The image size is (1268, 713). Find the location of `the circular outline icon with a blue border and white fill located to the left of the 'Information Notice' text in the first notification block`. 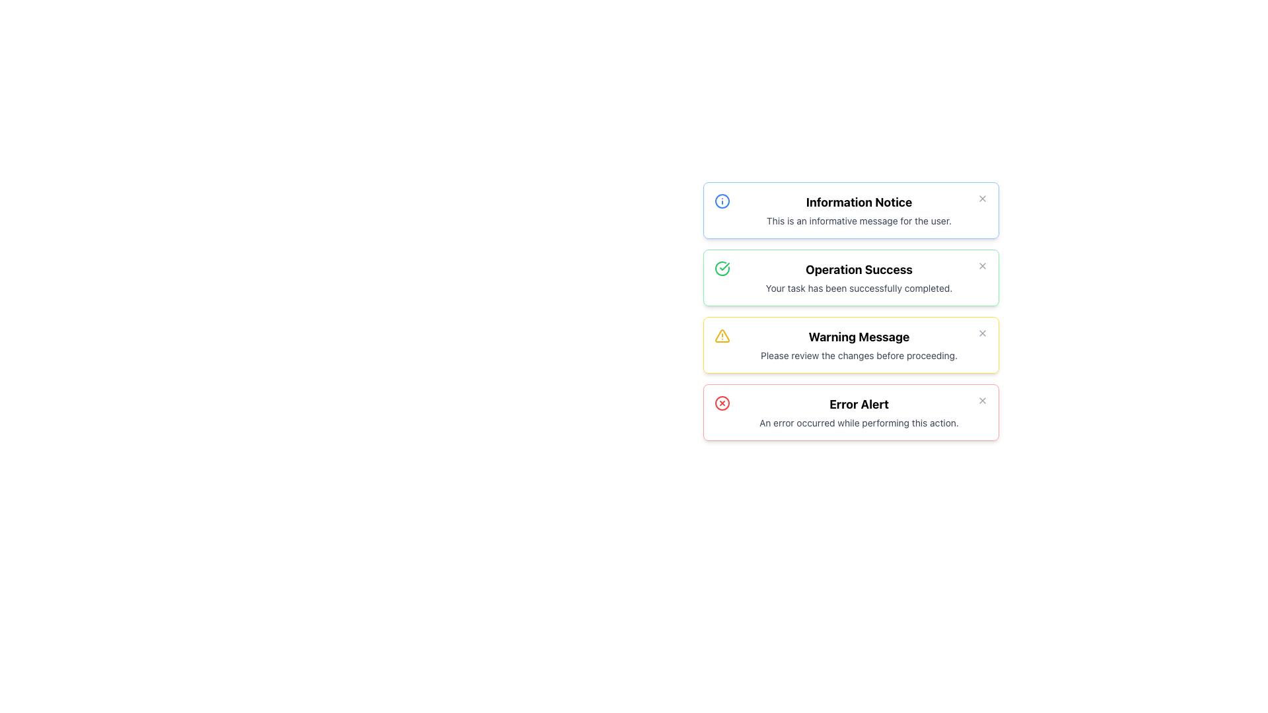

the circular outline icon with a blue border and white fill located to the left of the 'Information Notice' text in the first notification block is located at coordinates (722, 201).